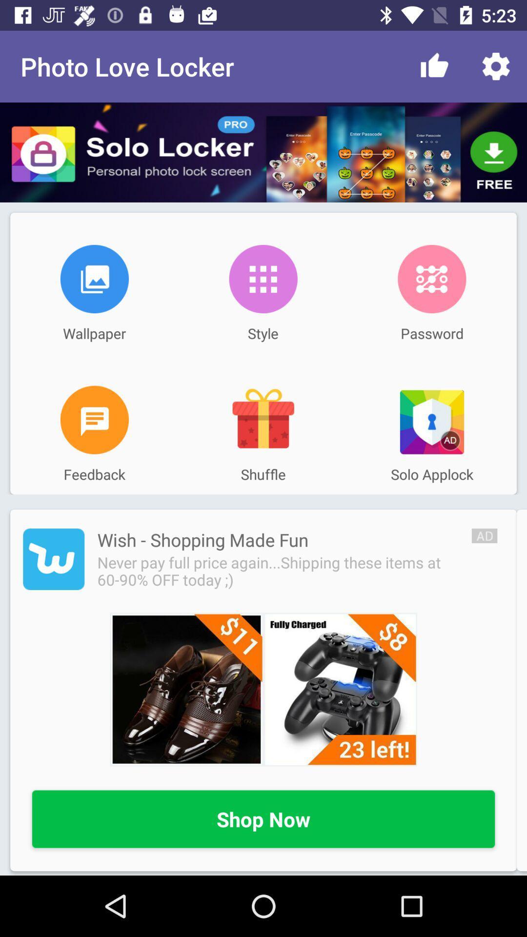  Describe the element at coordinates (94, 278) in the screenshot. I see `wallpaper` at that location.